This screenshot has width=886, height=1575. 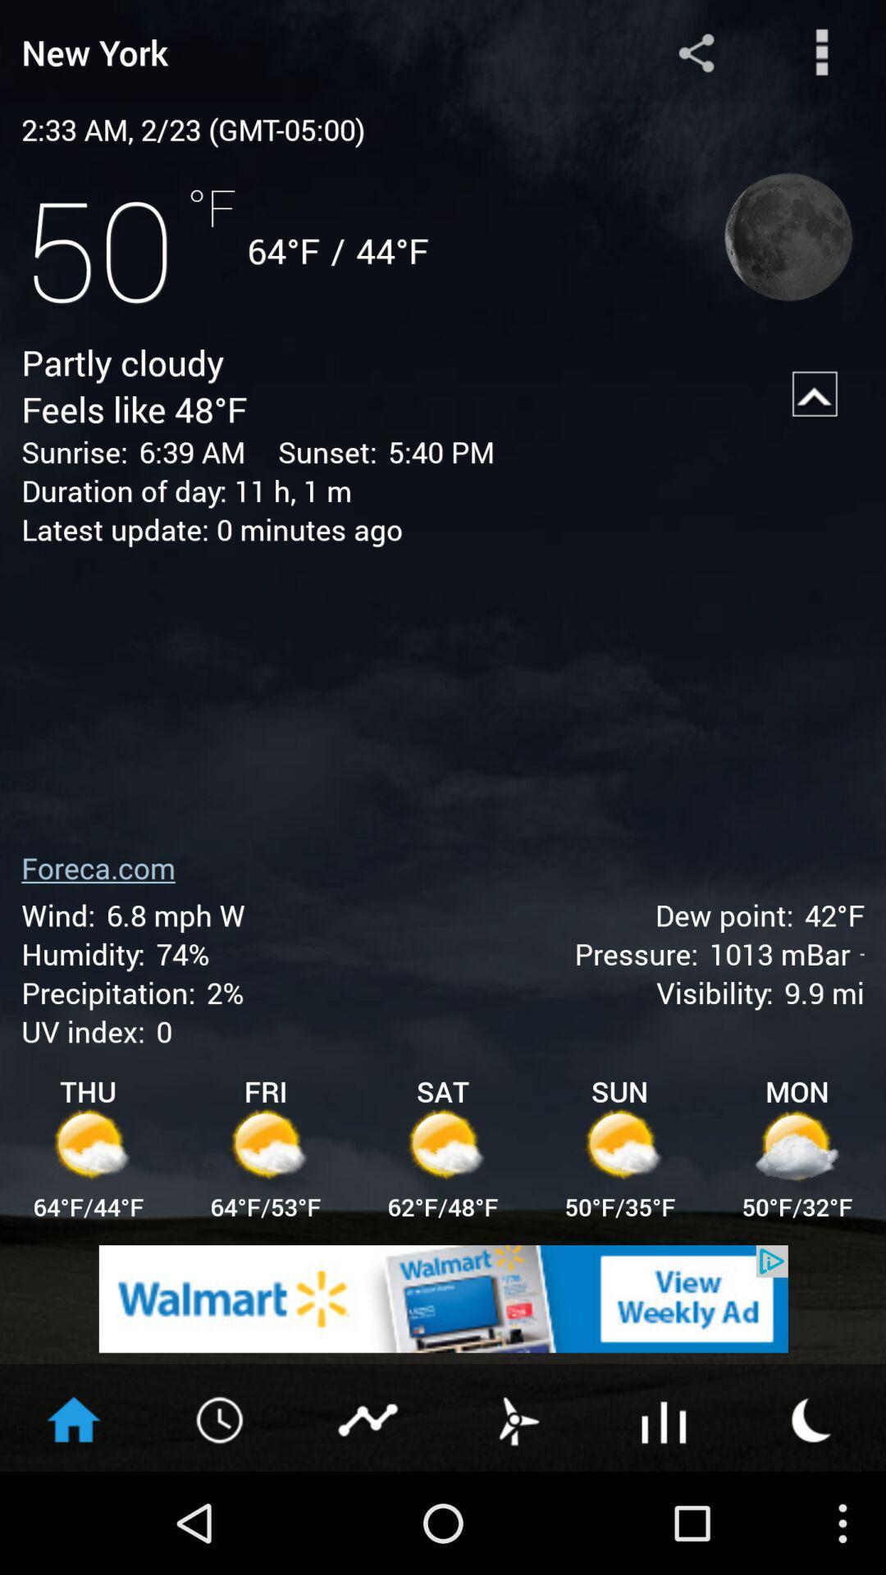 What do you see at coordinates (812, 1517) in the screenshot?
I see `the weather icon` at bounding box center [812, 1517].